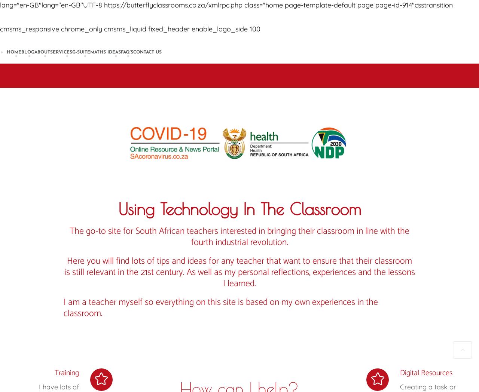 This screenshot has width=479, height=392. What do you see at coordinates (61, 52) in the screenshot?
I see `'Services'` at bounding box center [61, 52].